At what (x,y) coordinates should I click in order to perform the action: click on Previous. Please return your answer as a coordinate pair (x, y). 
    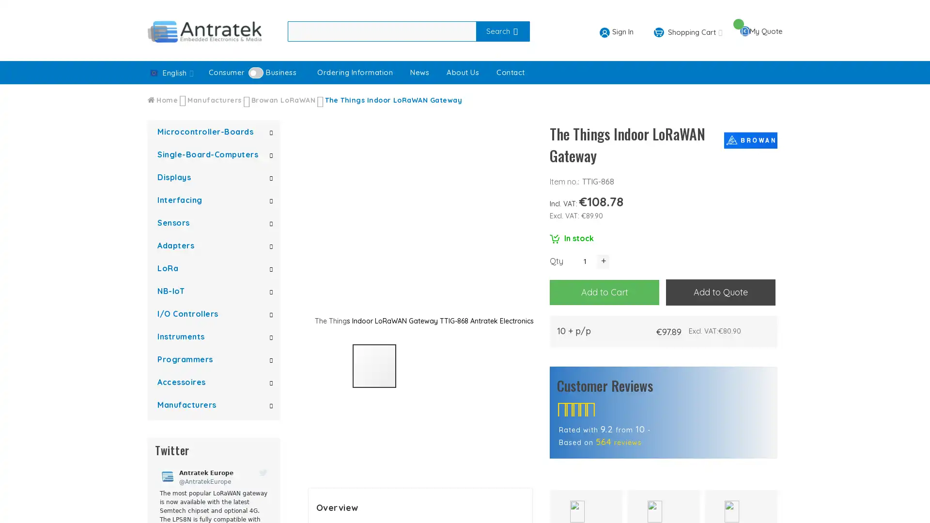
    Looking at the image, I should click on (314, 366).